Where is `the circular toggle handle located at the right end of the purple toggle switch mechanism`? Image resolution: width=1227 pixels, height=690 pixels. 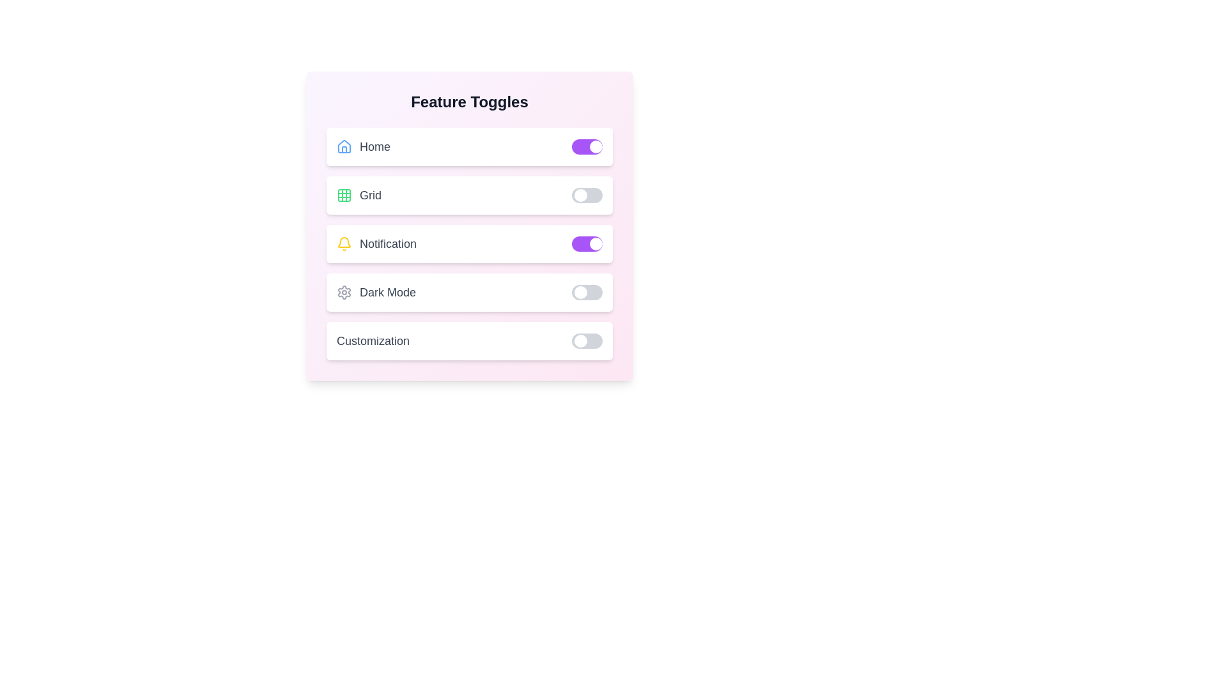 the circular toggle handle located at the right end of the purple toggle switch mechanism is located at coordinates (595, 146).